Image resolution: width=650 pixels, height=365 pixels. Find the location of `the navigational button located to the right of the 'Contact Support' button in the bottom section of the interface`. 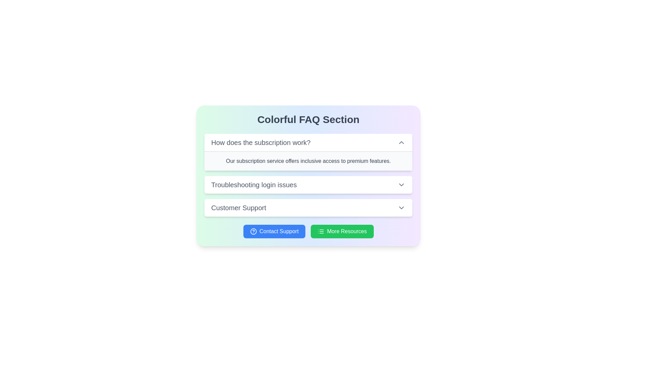

the navigational button located to the right of the 'Contact Support' button in the bottom section of the interface is located at coordinates (342, 231).